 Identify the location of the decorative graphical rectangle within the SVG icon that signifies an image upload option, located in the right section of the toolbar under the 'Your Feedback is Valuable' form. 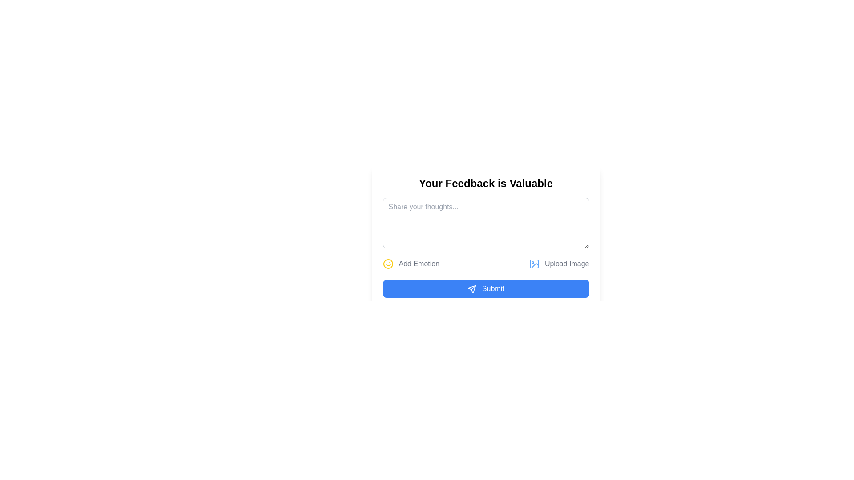
(534, 264).